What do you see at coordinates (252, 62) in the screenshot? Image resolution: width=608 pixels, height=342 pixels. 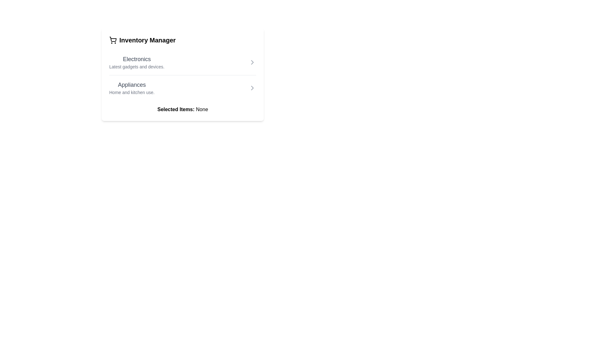 I see `the right-pointing chevron icon located in the second row under the 'Appliances' label` at bounding box center [252, 62].